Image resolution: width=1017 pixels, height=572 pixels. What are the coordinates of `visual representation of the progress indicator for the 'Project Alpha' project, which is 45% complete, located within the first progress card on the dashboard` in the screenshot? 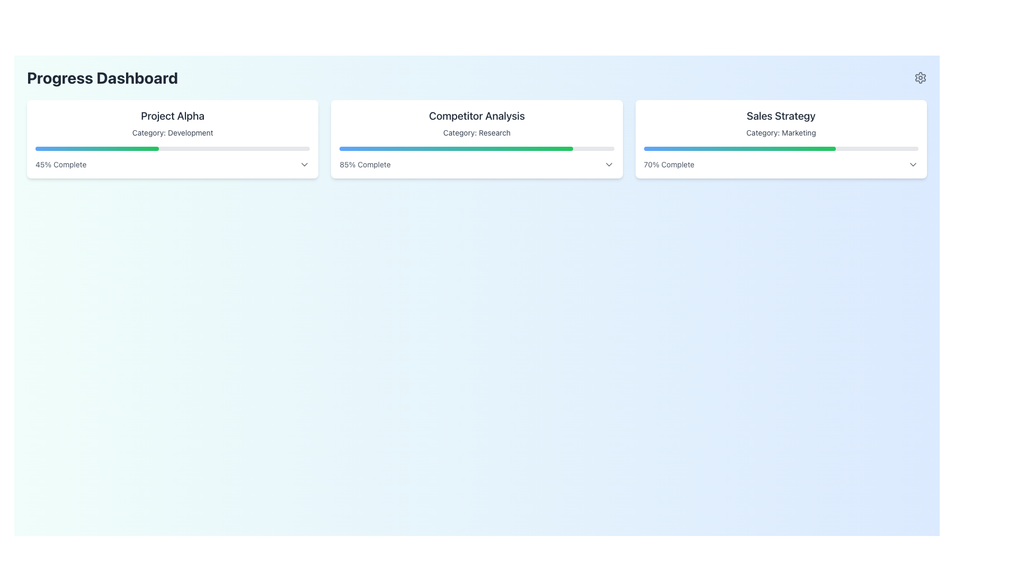 It's located at (97, 149).